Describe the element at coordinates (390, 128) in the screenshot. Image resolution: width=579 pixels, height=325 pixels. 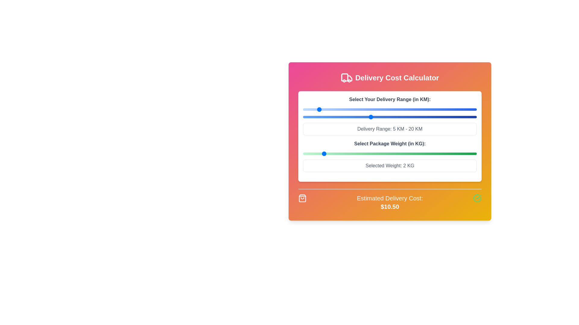
I see `the informational text box that provides details about the currently selected delivery range, located below the two blue sliders in the 'Select Your Delivery Range (in KM)' section` at that location.